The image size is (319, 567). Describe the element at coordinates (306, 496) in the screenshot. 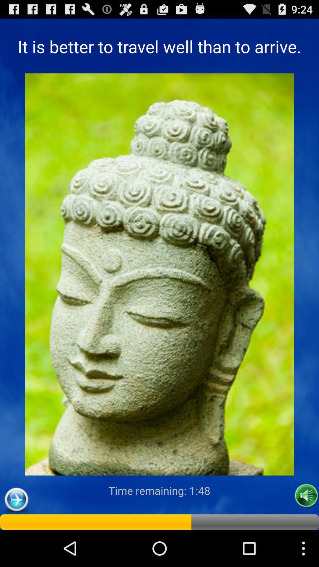

I see `the app to the right of time remaining 1 app` at that location.